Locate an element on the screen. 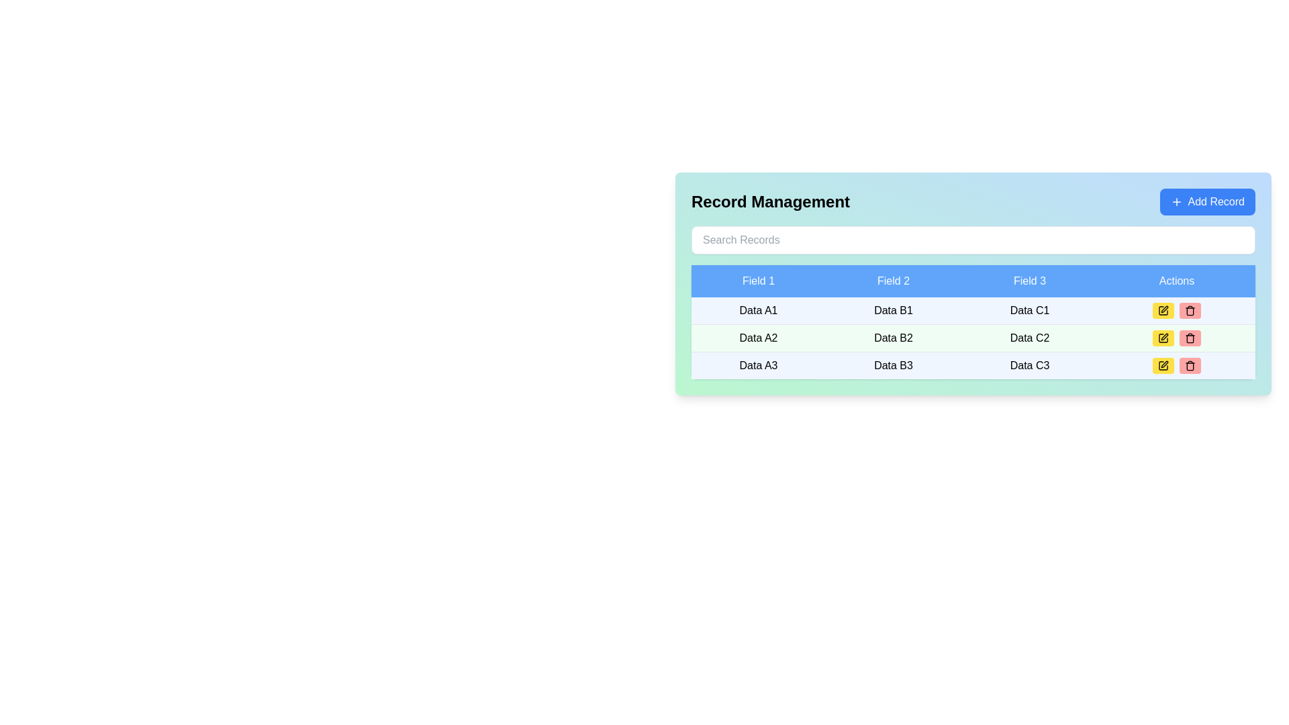 This screenshot has width=1289, height=725. the static text label 'Field 1' that is styled with medium font weight and positioned on a blue background at the top of a table layout is located at coordinates (759, 281).